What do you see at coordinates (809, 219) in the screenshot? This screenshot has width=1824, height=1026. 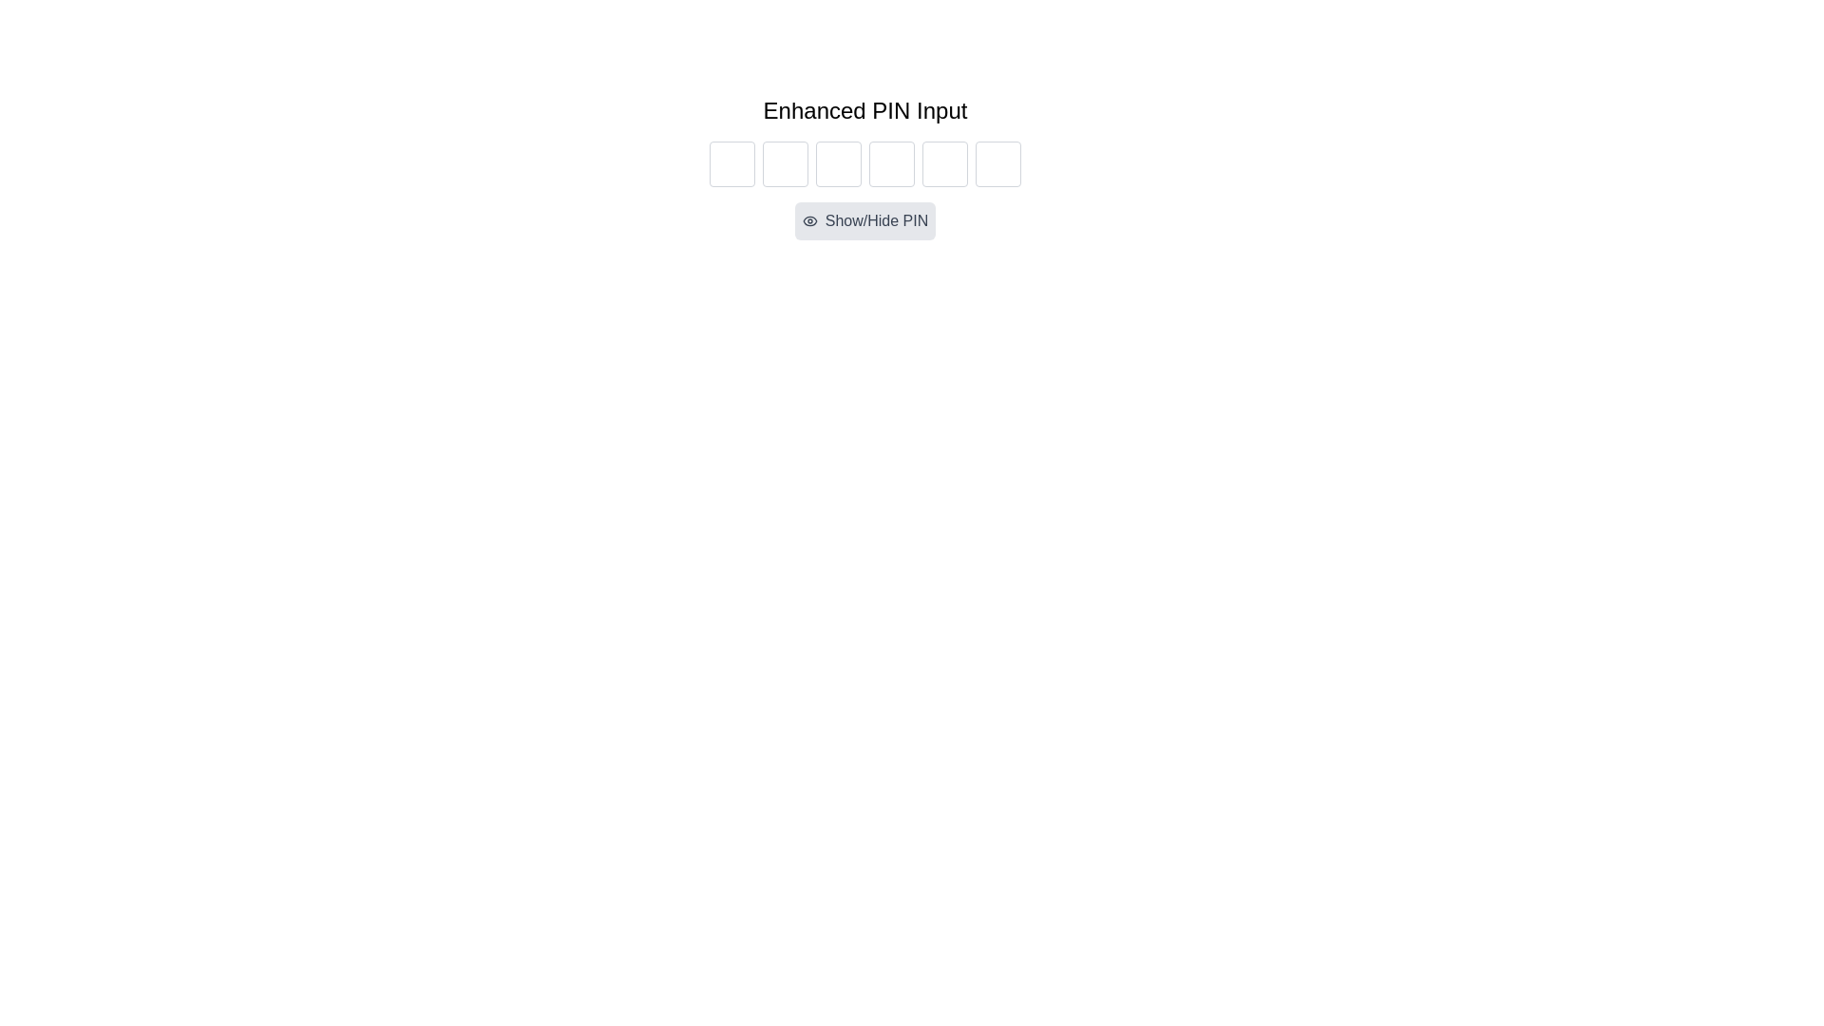 I see `the eye icon within the light gray oval button labeled 'Show/Hide PIN'` at bounding box center [809, 219].